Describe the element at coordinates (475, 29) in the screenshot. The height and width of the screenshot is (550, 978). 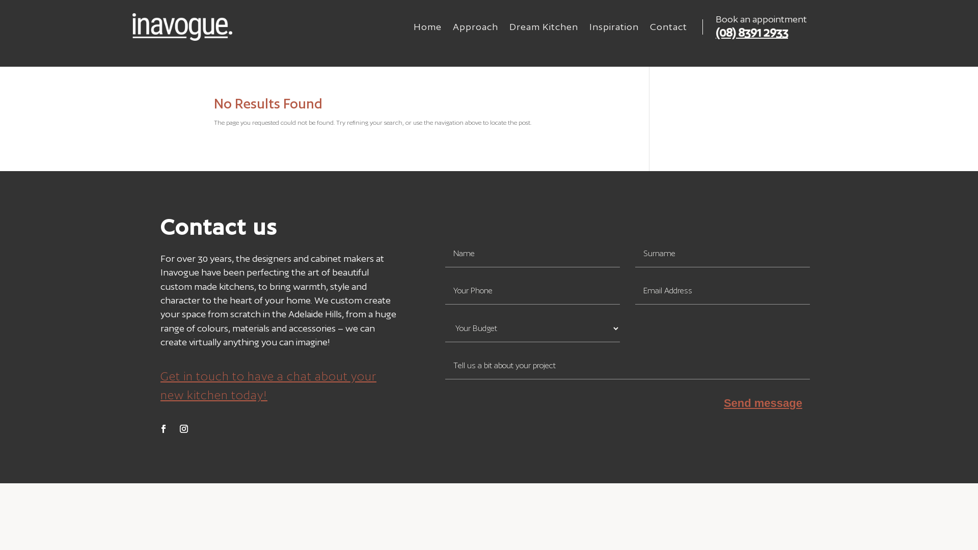
I see `'Approach'` at that location.